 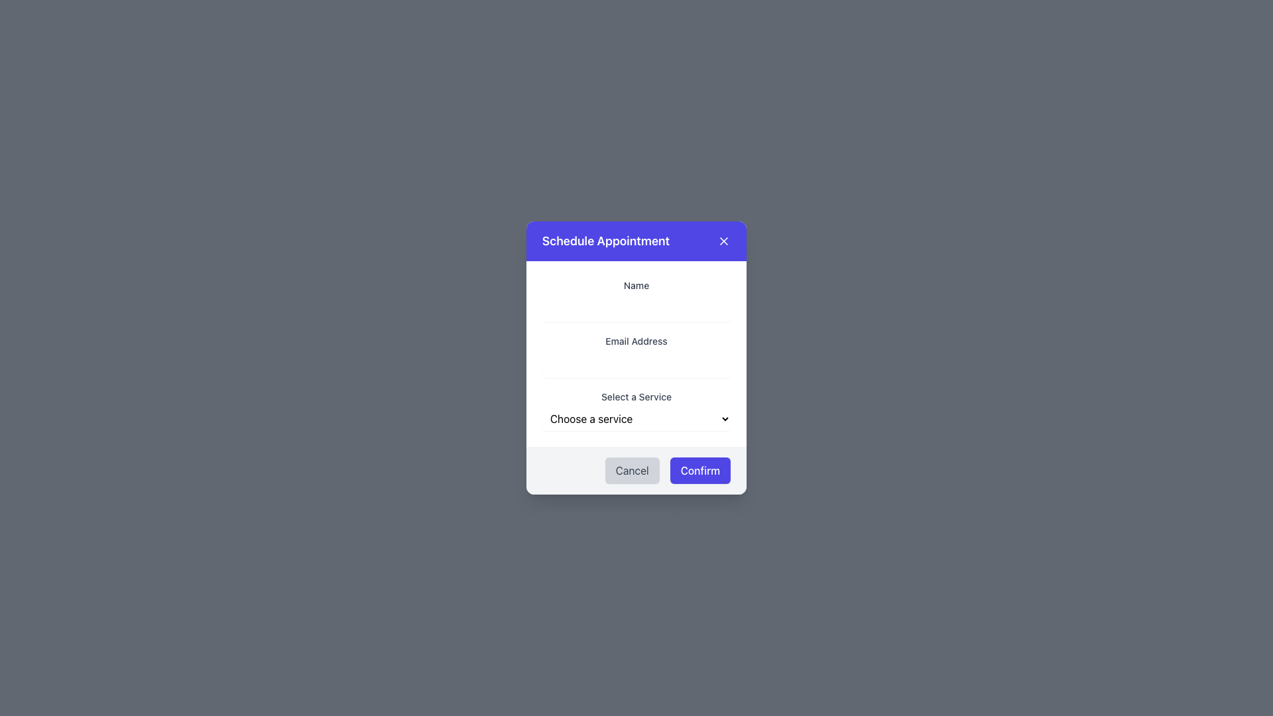 I want to click on the 'Select a Service' dropdown menu that allows users to choose from options like 'Consultation', 'Follow-up', 'Procedure', and 'Therapy', so click(x=636, y=408).